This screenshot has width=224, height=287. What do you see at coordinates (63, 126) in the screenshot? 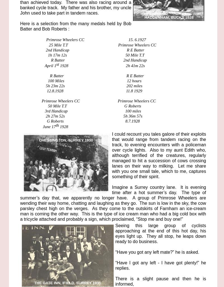
I see `'1928'` at bounding box center [63, 126].